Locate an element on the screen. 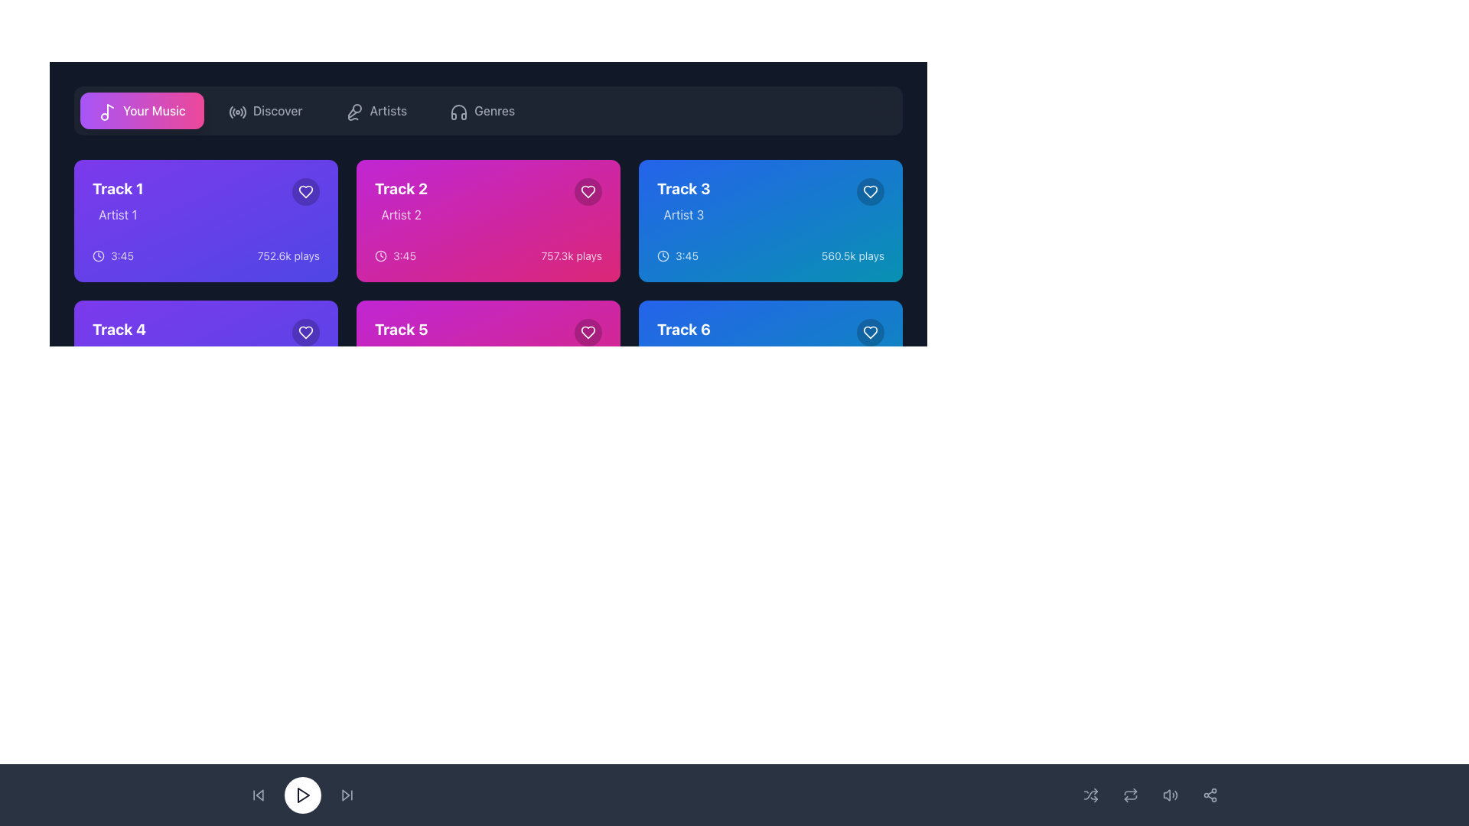 The width and height of the screenshot is (1469, 826). the repeat toggle button located centrally between adjacent playback control icons in the bottom interface bar, which is the fourth element from the left is located at coordinates (1131, 795).